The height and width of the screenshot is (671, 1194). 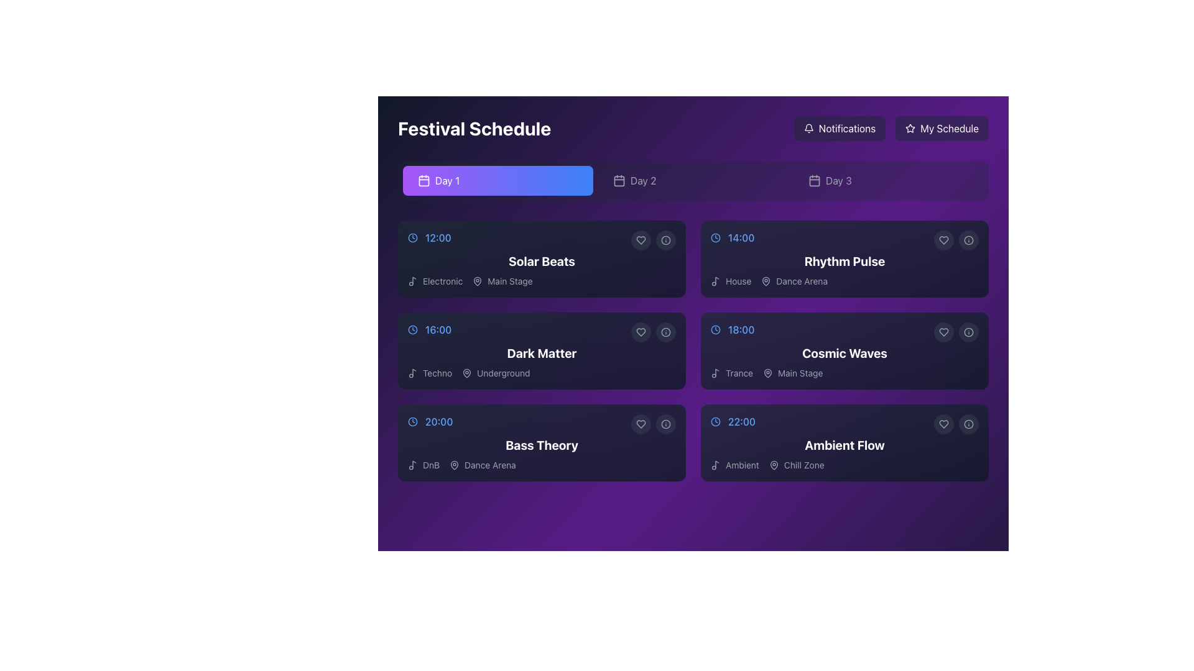 What do you see at coordinates (731, 281) in the screenshot?
I see `the text label indicating the music genre 'House' for the event 'Rhythm Pulse' located in the second row, right column under the 'Day 1' tab in the schedule` at bounding box center [731, 281].